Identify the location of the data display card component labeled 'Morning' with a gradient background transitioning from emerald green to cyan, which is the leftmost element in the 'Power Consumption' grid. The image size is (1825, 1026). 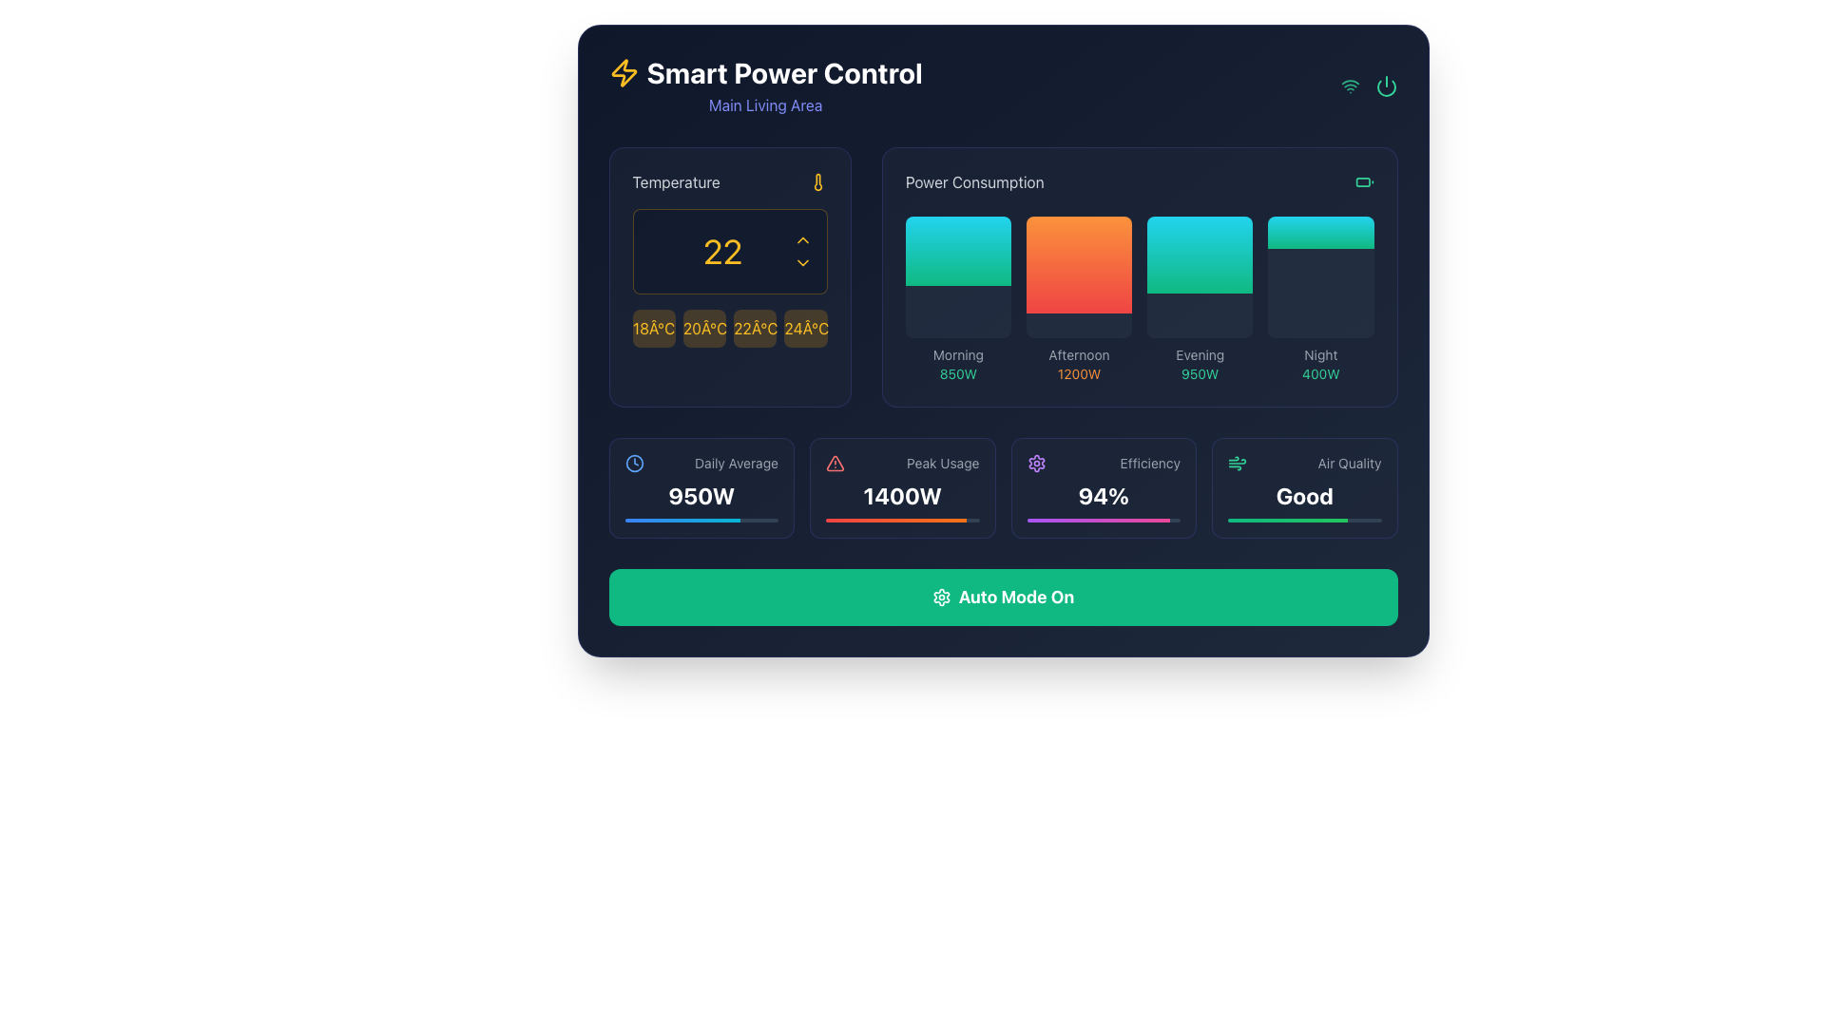
(958, 299).